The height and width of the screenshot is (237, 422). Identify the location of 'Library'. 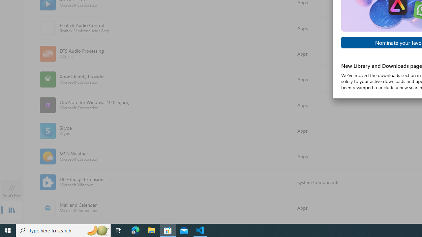
(12, 211).